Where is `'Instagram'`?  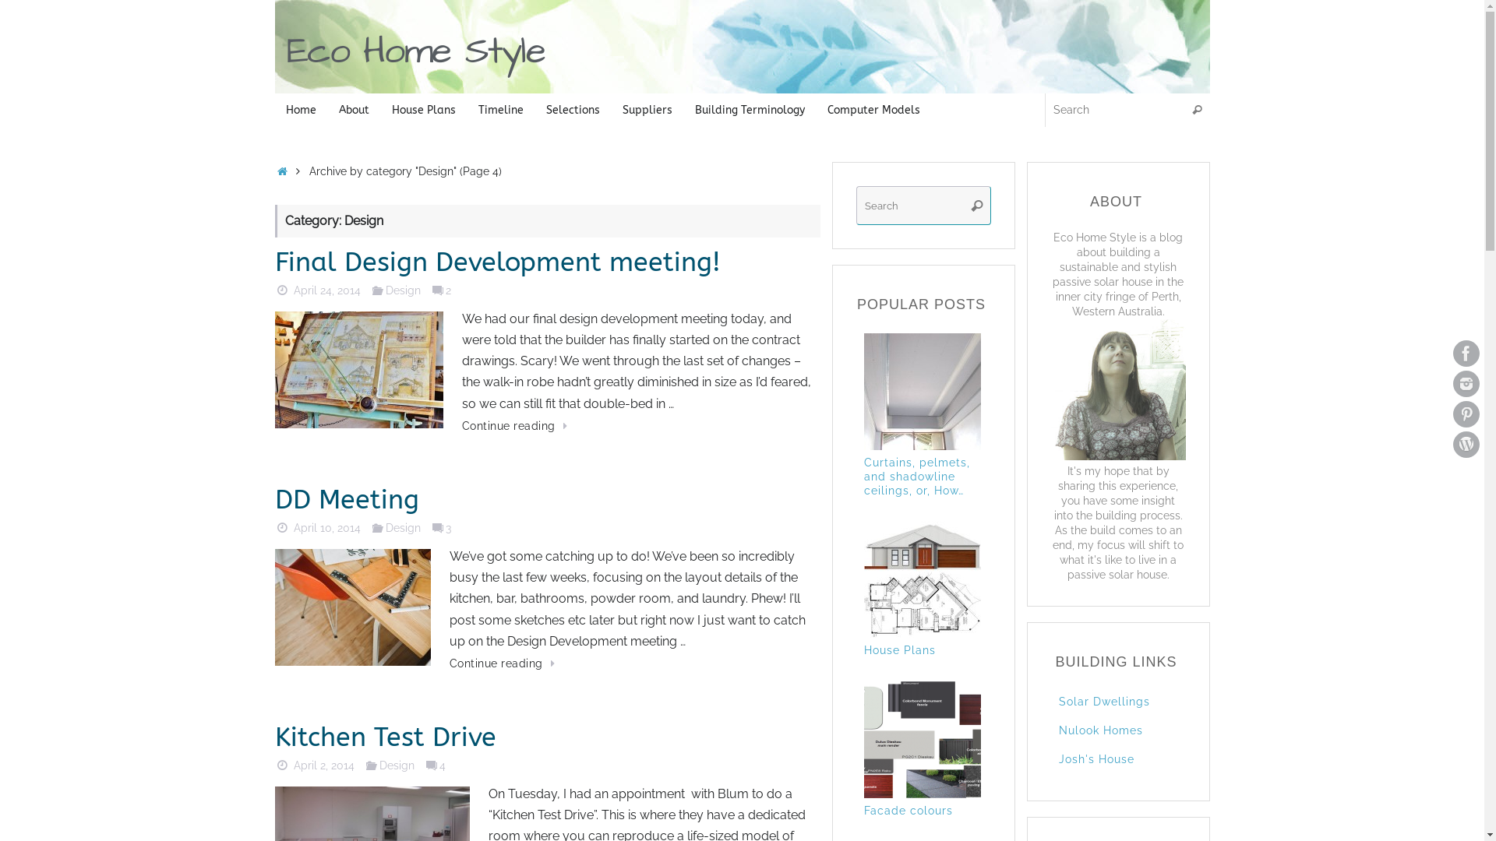
'Instagram' is located at coordinates (1465, 384).